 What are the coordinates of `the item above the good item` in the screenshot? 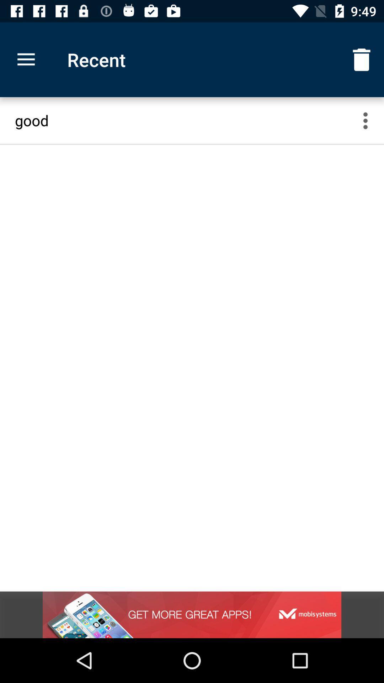 It's located at (362, 60).